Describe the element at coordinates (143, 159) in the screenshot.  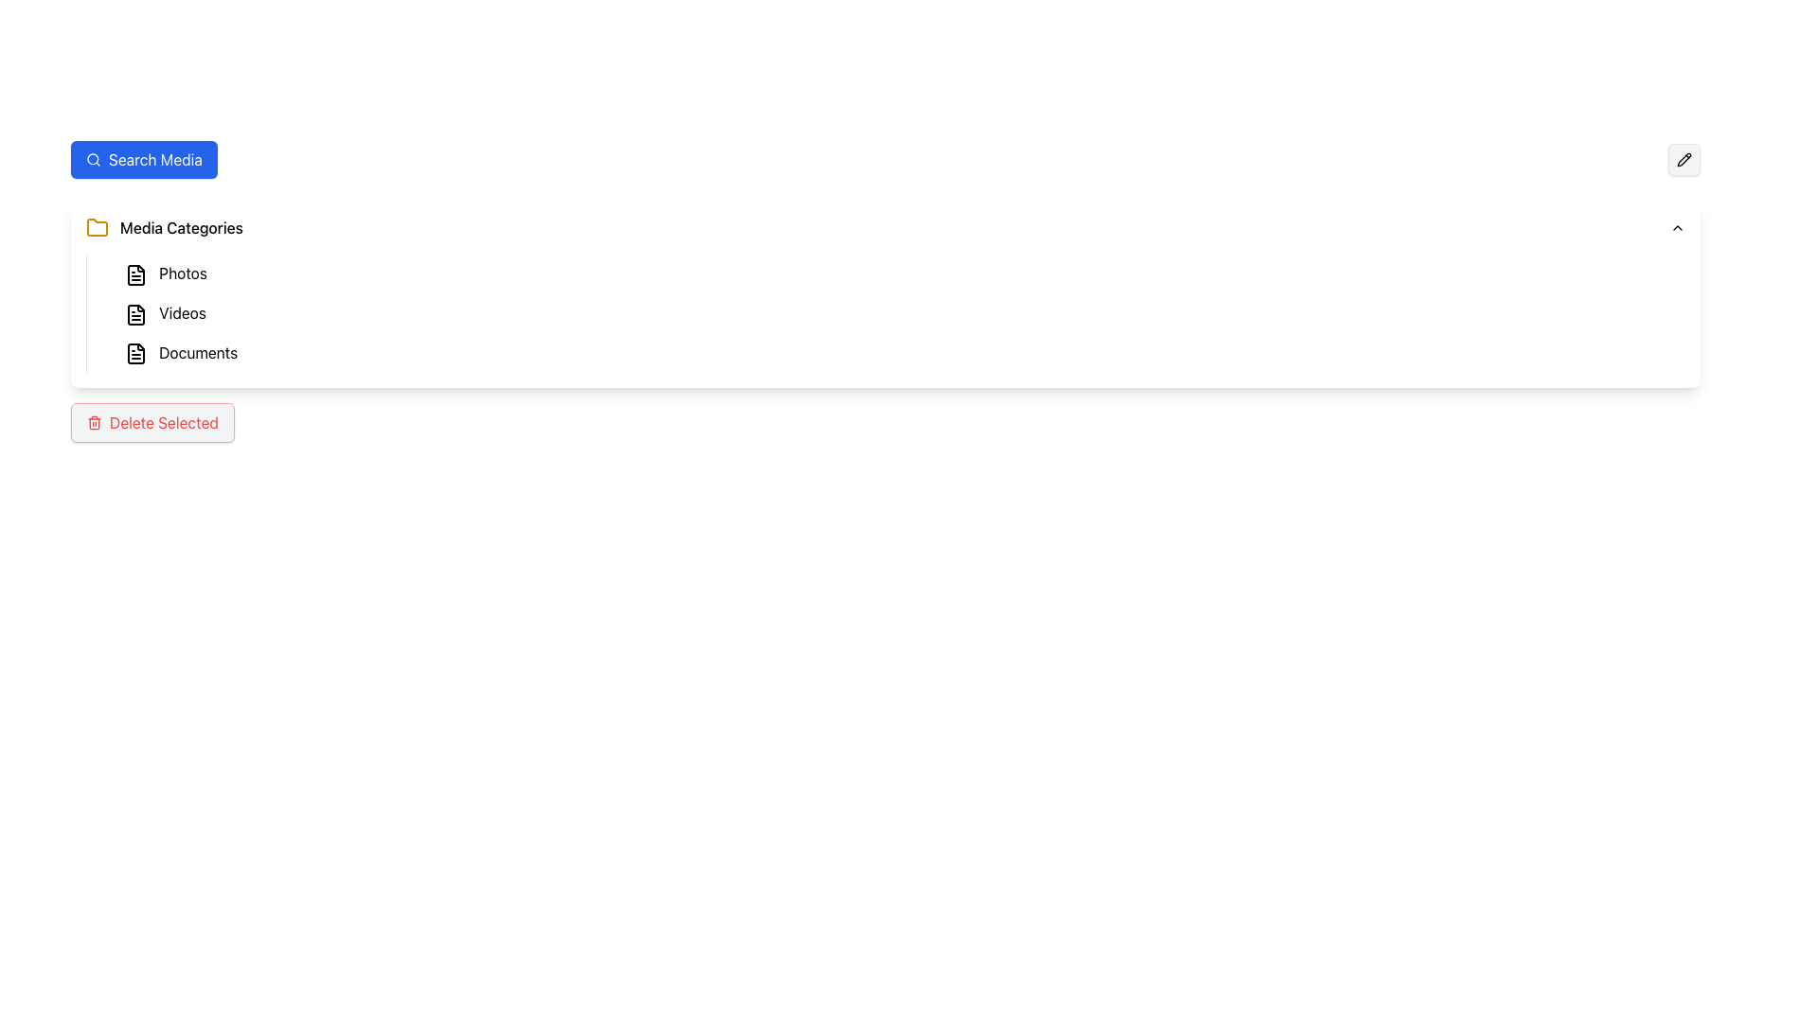
I see `the search button located in the top section of the media category interface` at that location.